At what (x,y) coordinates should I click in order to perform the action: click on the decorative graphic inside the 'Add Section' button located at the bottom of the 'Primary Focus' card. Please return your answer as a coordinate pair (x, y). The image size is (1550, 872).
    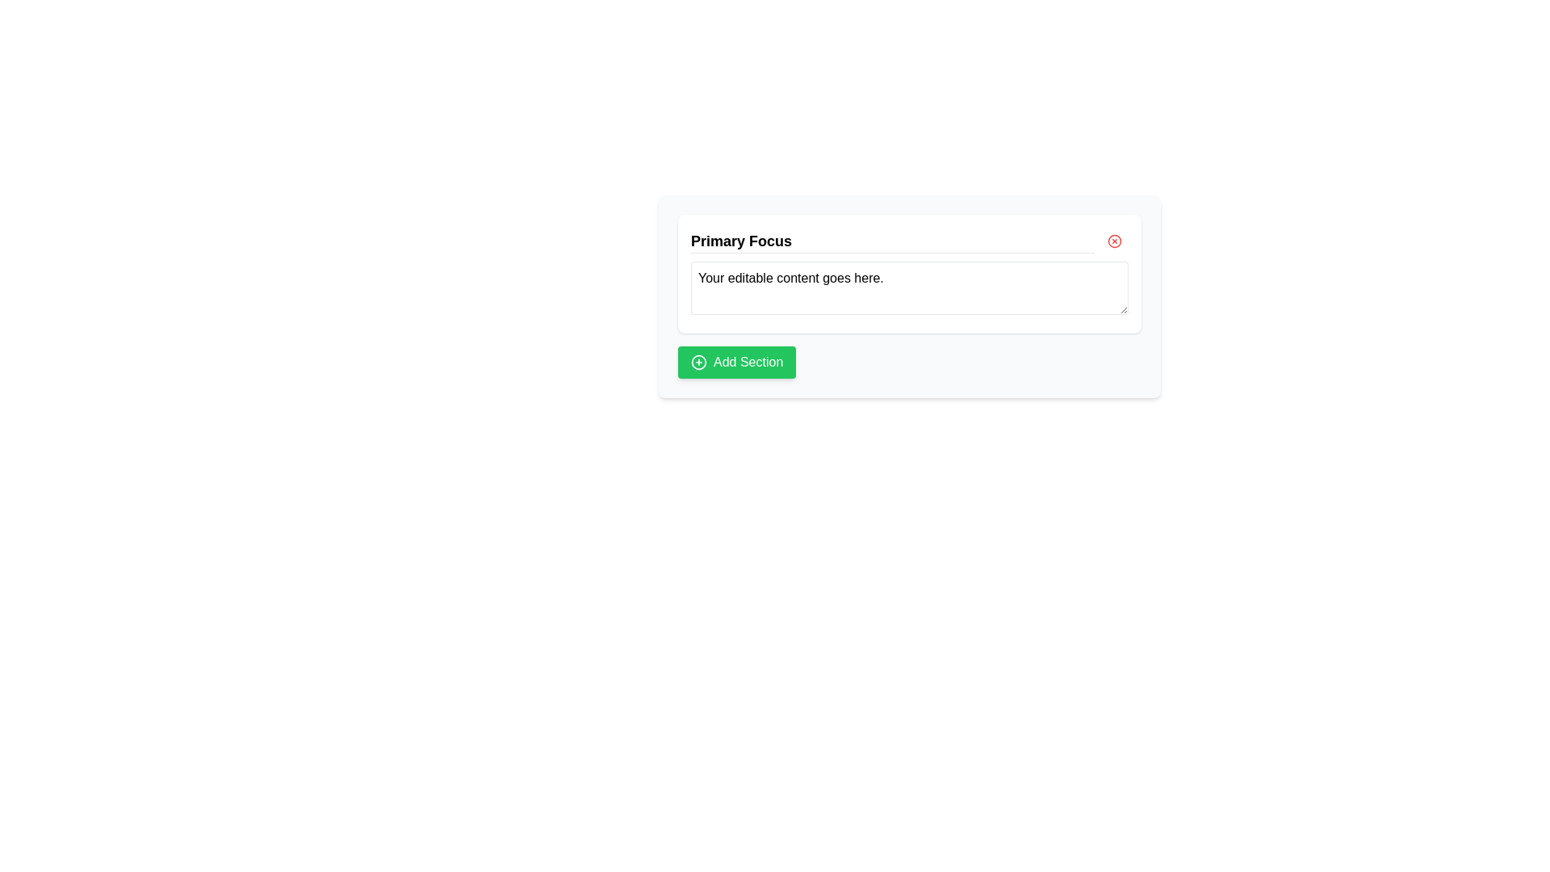
    Looking at the image, I should click on (698, 361).